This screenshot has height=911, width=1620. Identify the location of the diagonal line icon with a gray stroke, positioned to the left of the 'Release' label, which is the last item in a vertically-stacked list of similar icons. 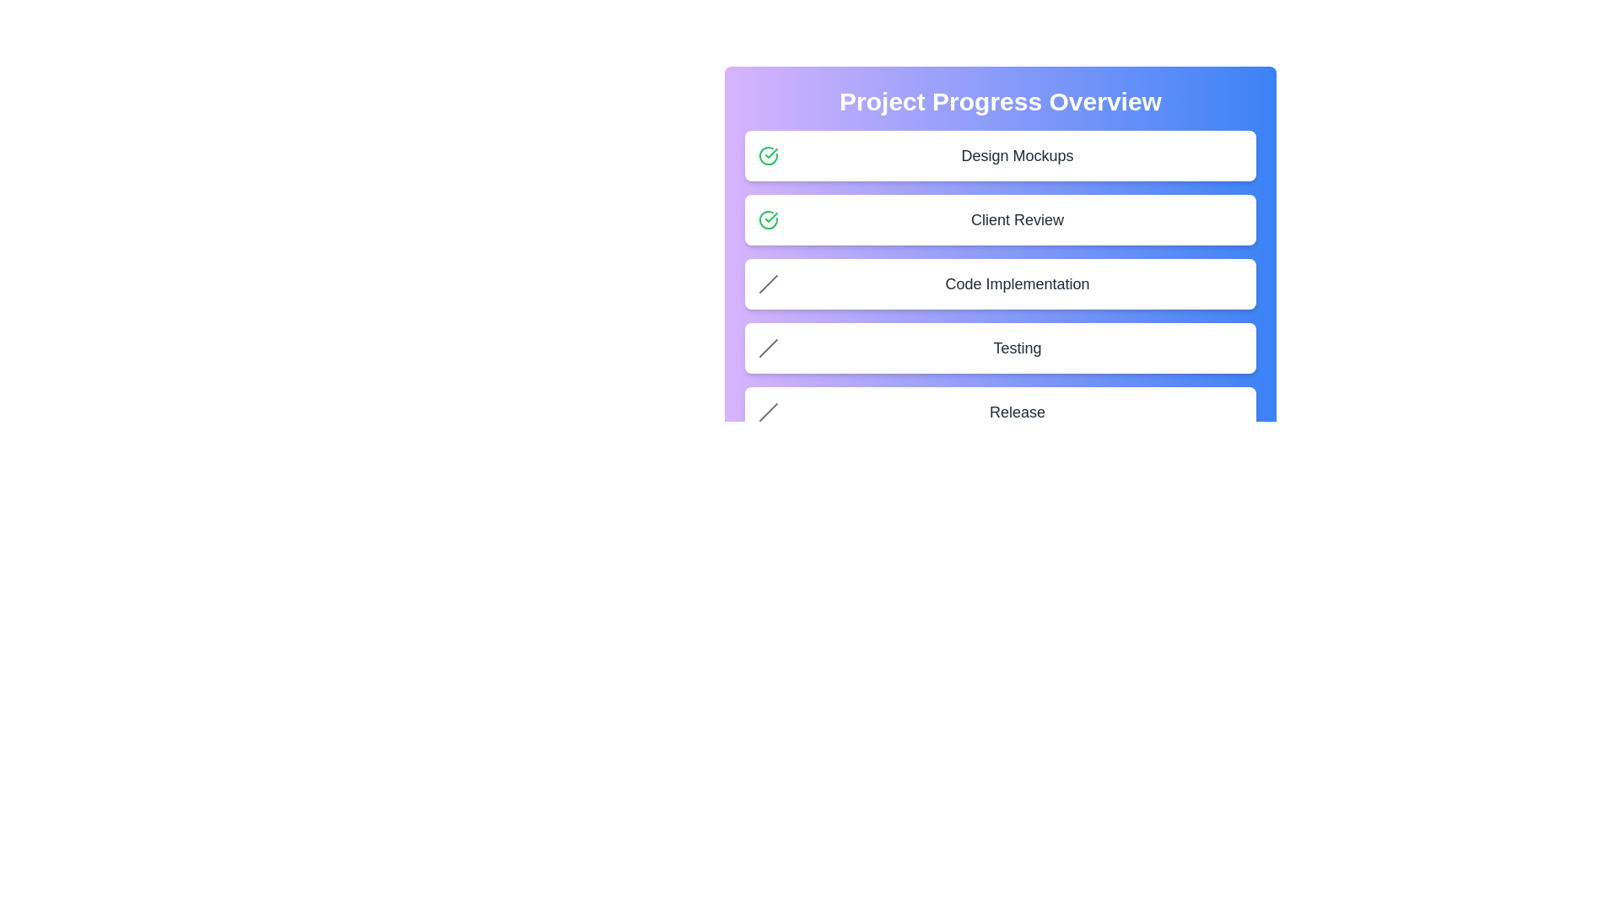
(768, 412).